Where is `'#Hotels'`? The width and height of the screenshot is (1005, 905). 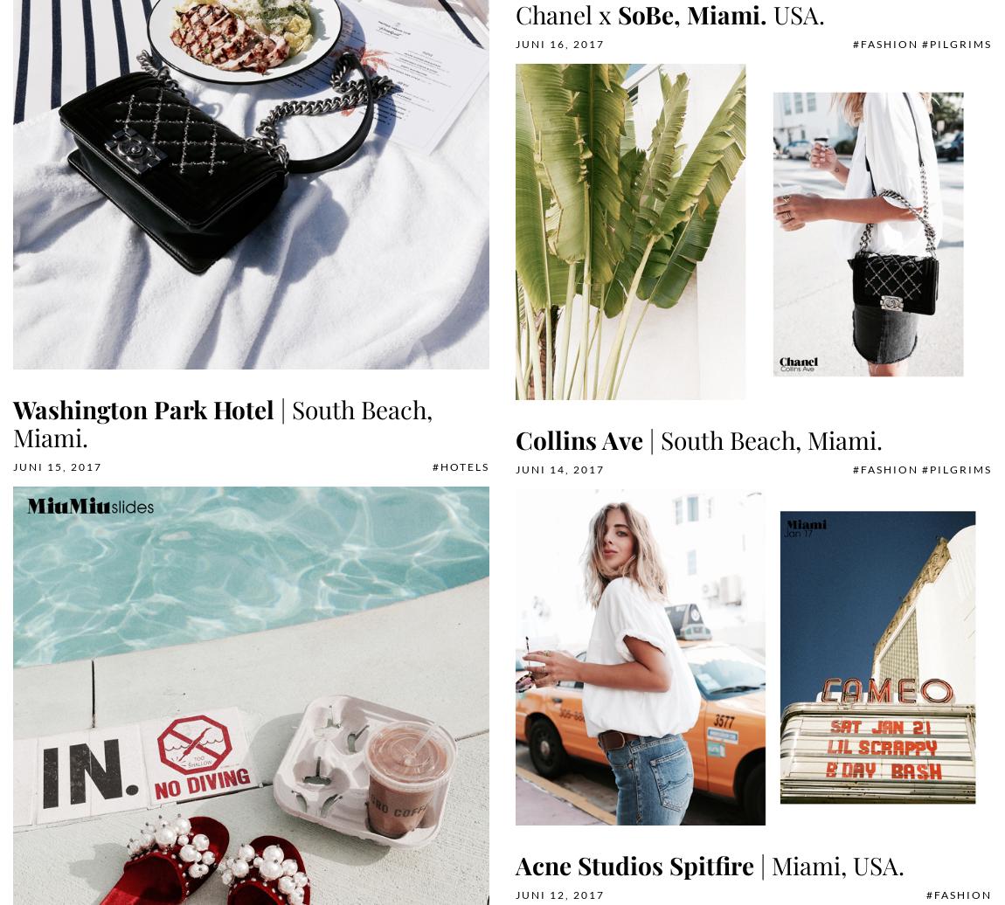 '#Hotels' is located at coordinates (432, 466).